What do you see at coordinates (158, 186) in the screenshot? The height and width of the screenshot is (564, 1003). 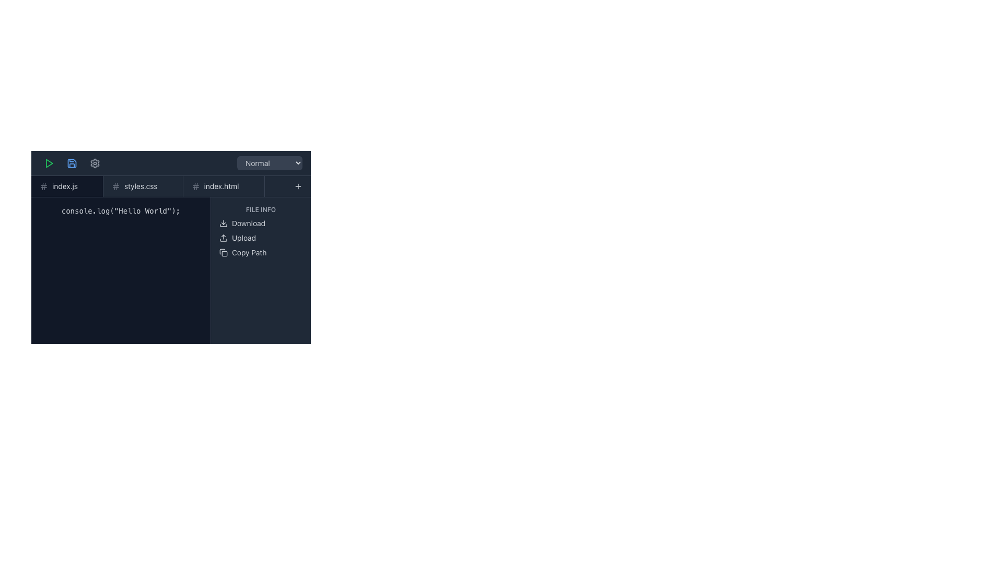 I see `the navigation tab labeled 'styles.css'` at bounding box center [158, 186].